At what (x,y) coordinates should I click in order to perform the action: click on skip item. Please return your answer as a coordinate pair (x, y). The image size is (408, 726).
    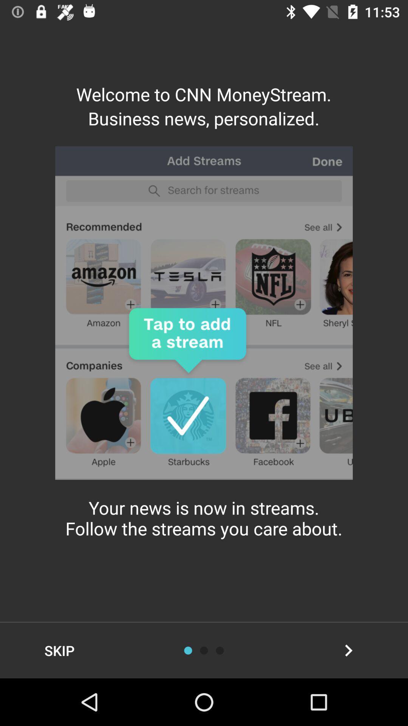
    Looking at the image, I should click on (59, 650).